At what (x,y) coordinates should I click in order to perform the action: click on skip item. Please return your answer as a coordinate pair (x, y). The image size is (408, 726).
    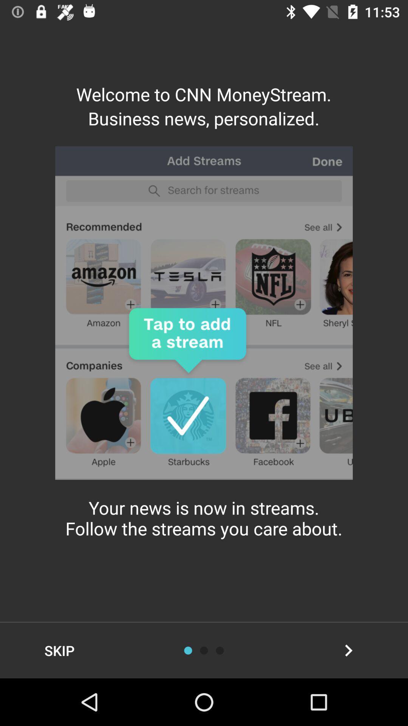
    Looking at the image, I should click on (59, 650).